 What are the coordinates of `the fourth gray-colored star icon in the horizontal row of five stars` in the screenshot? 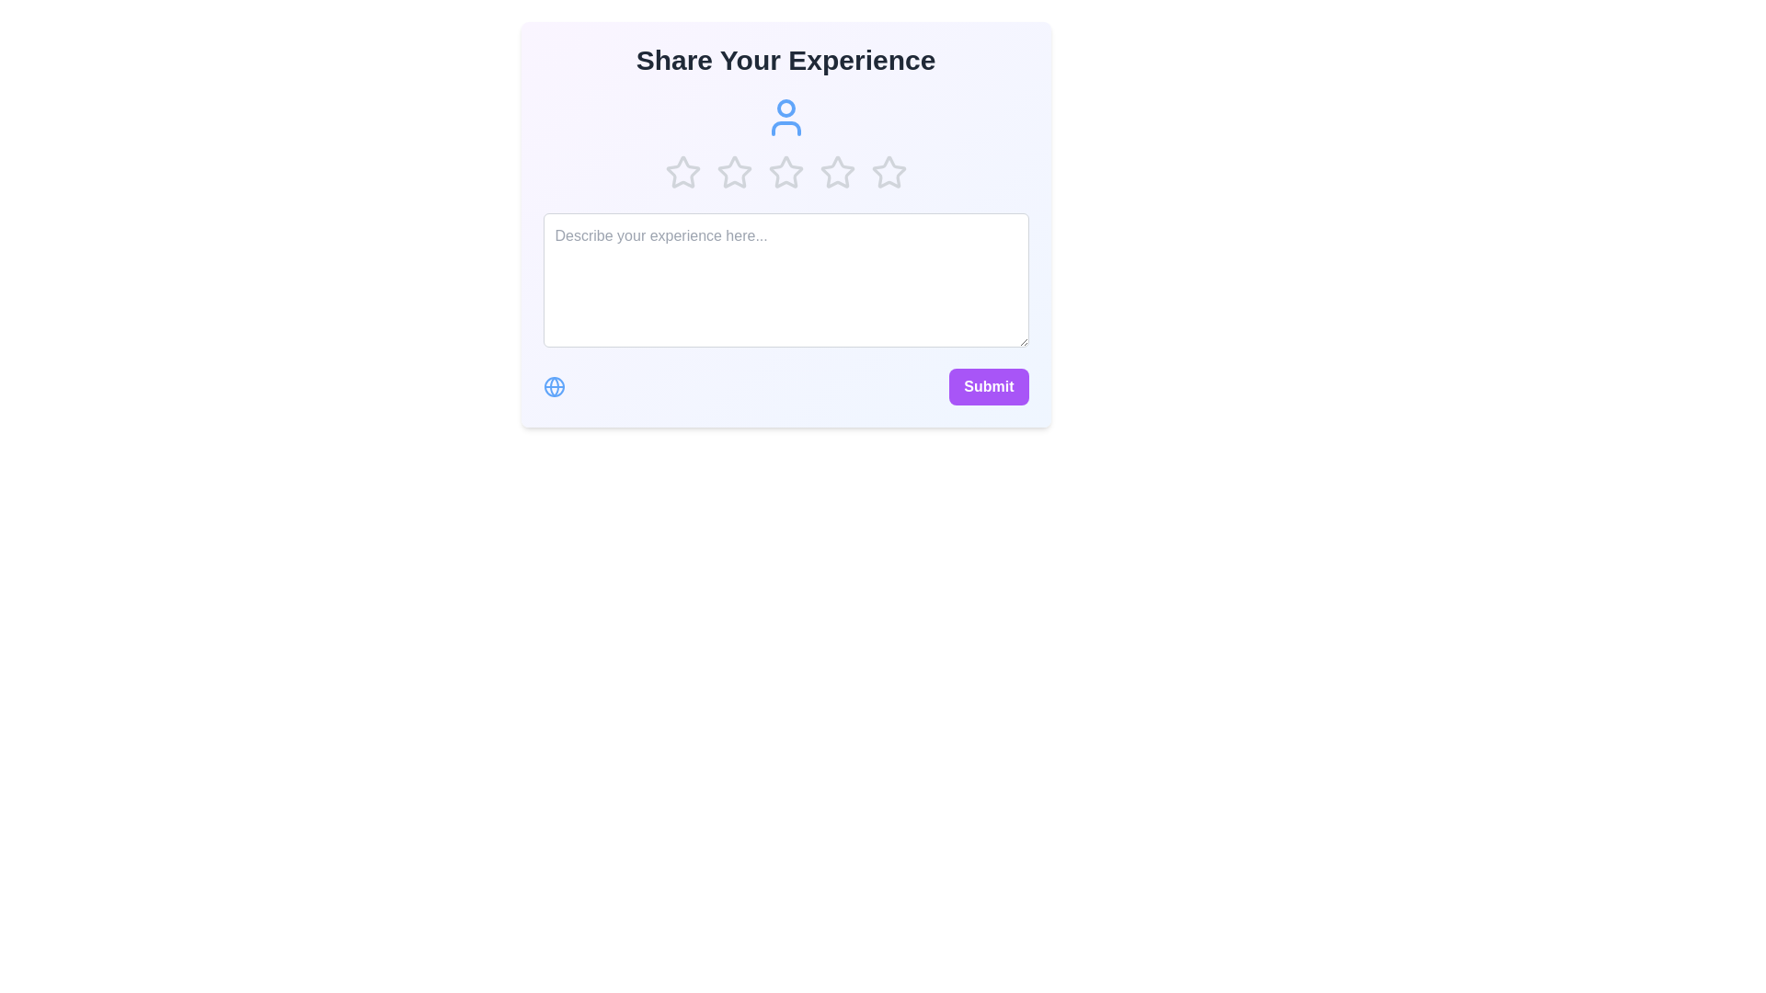 It's located at (836, 172).